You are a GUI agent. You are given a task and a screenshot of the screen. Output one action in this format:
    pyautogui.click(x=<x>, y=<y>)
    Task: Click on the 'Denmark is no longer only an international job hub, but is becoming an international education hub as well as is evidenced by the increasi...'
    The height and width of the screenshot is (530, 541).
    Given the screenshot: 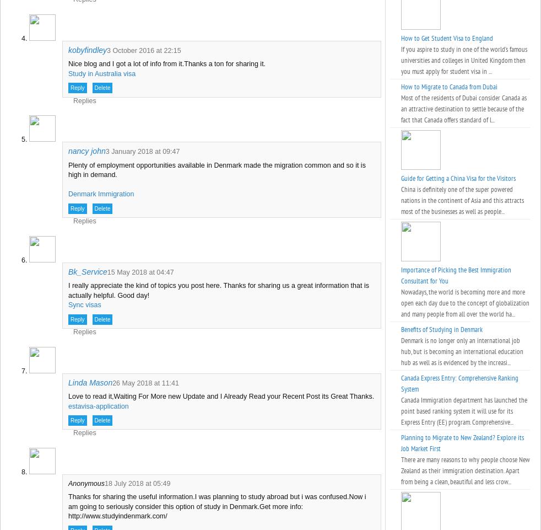 What is the action you would take?
    pyautogui.click(x=462, y=351)
    